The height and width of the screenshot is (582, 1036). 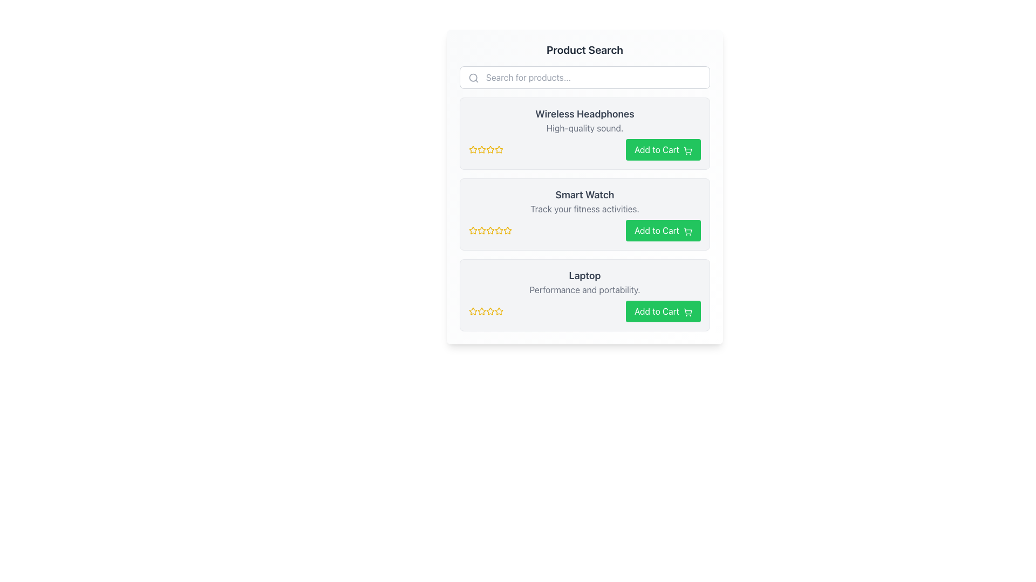 What do you see at coordinates (473, 230) in the screenshot?
I see `the yellow star icon with a hollow center` at bounding box center [473, 230].